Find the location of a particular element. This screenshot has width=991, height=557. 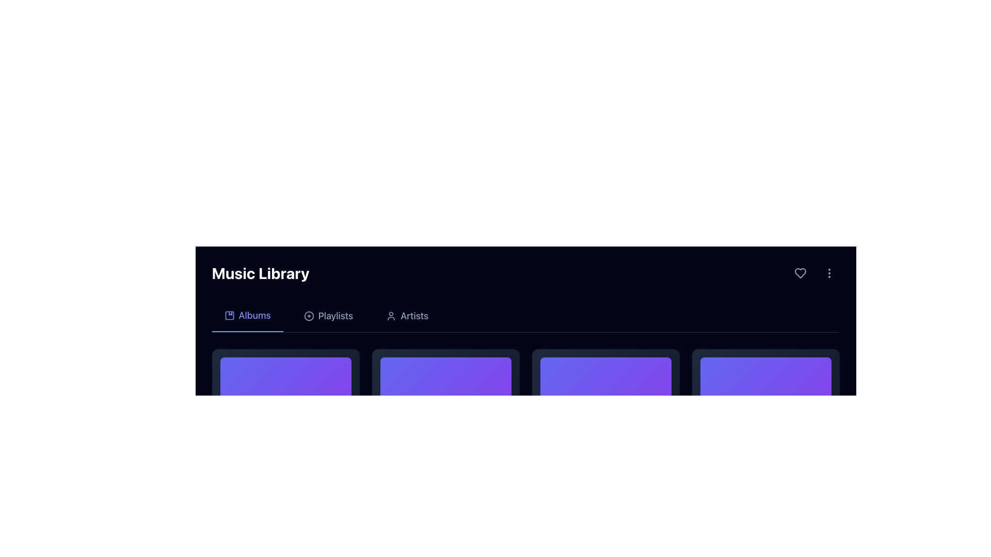

the small rectangular box with rounded corners located under the 'Albums' section in the top left corner of the interface is located at coordinates (229, 315).